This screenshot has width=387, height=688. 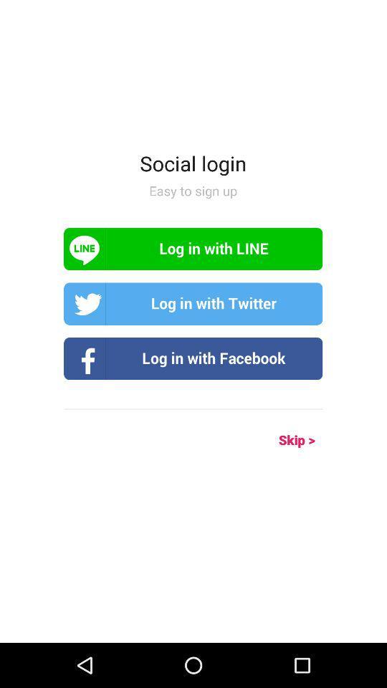 I want to click on login with facebook, so click(x=193, y=358).